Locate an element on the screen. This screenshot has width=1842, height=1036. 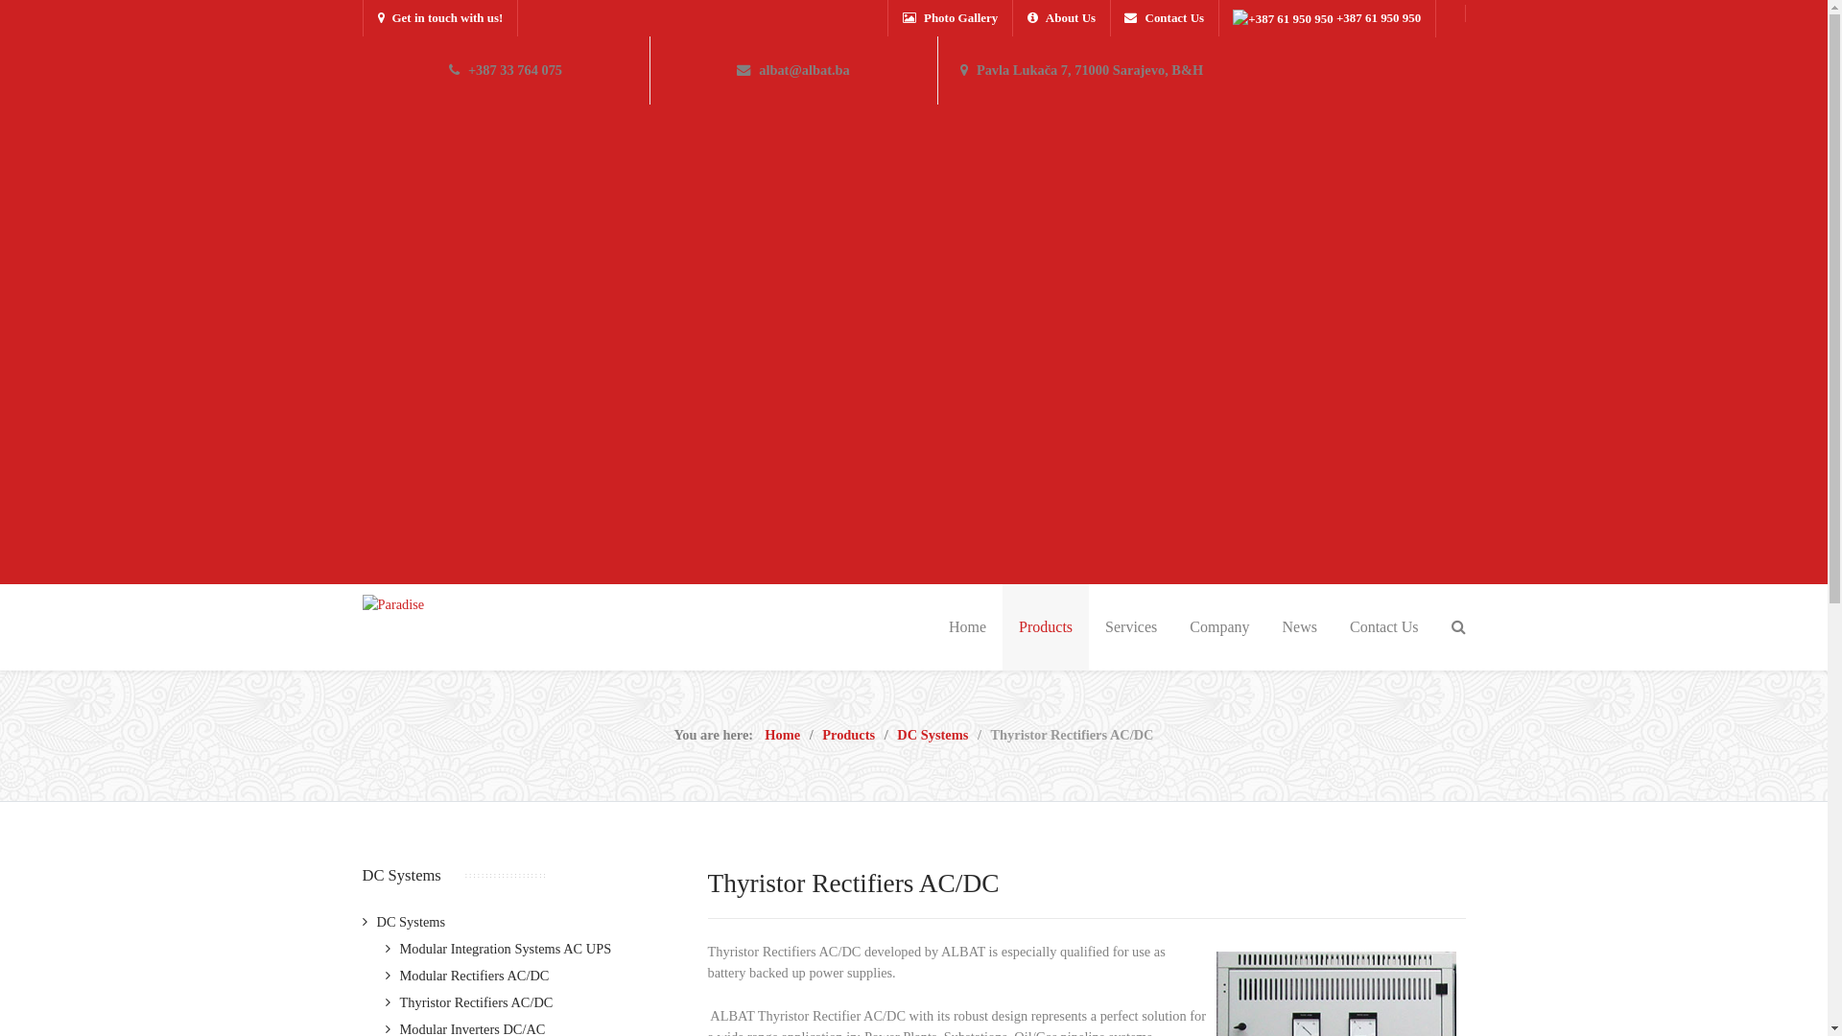
'Terms & Conditions' is located at coordinates (1000, 678).